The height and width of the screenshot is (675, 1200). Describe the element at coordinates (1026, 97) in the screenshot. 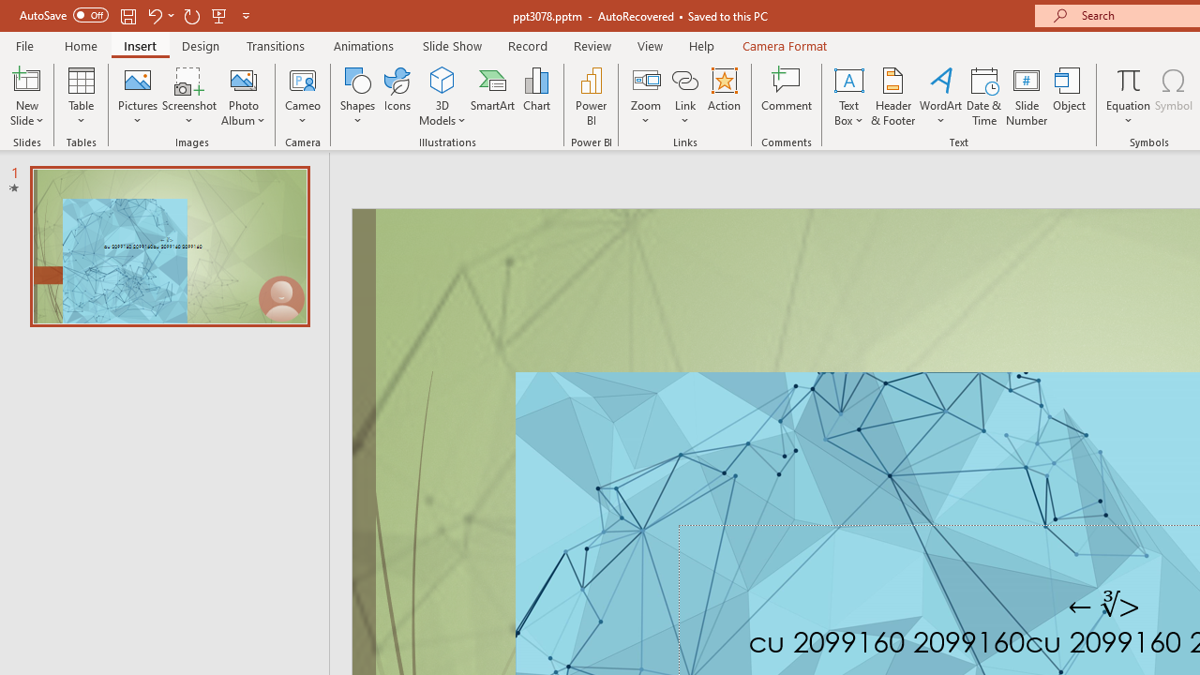

I see `'Slide Number'` at that location.